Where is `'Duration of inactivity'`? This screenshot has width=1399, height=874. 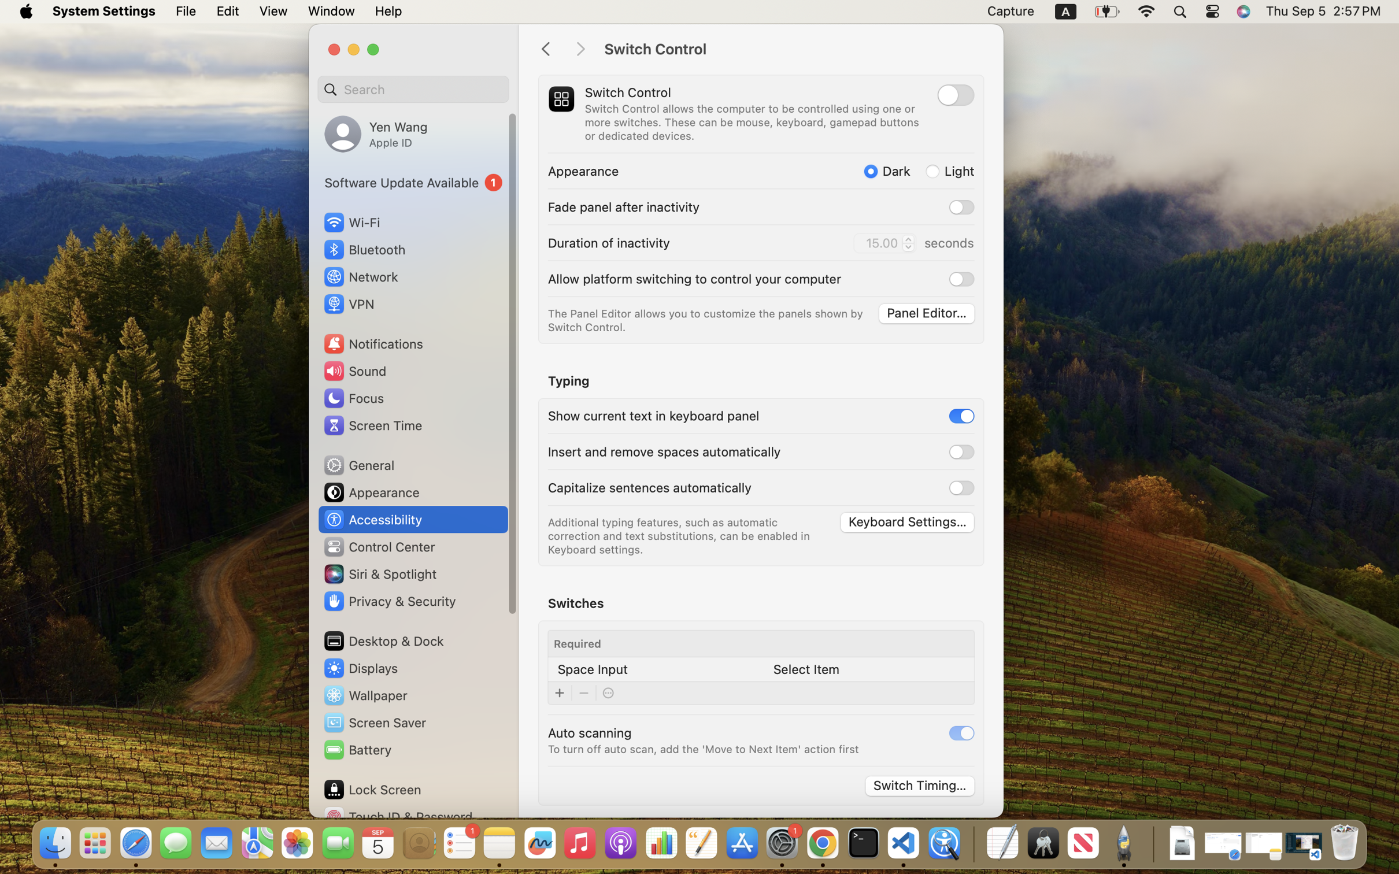
'Duration of inactivity' is located at coordinates (608, 242).